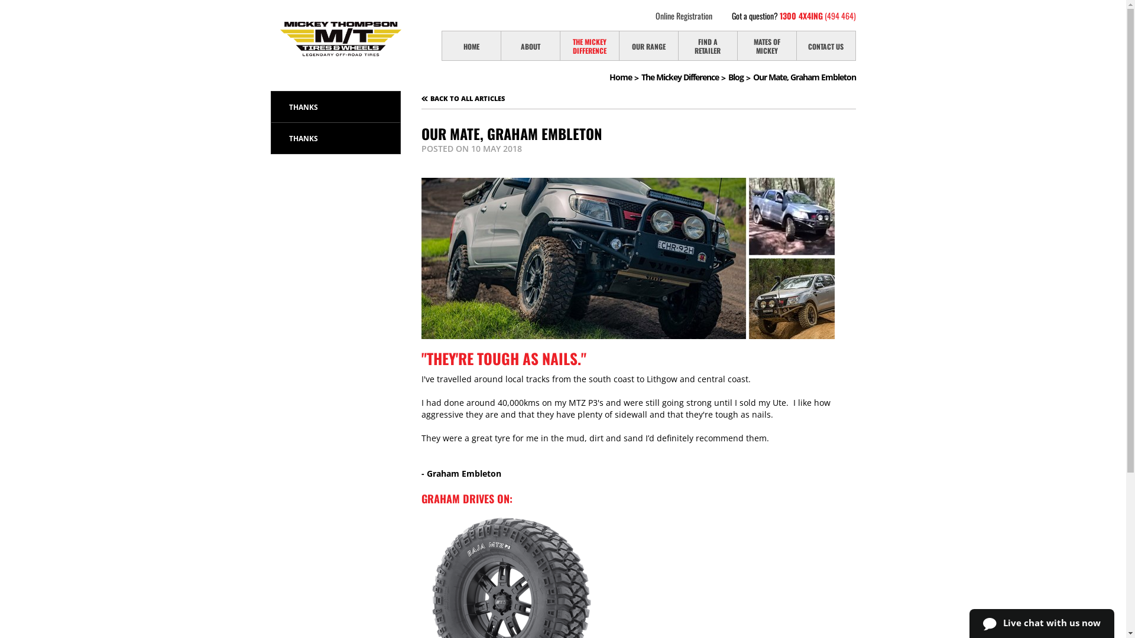 The image size is (1135, 638). I want to click on '1300 4X4ING (494 464)', so click(816, 15).